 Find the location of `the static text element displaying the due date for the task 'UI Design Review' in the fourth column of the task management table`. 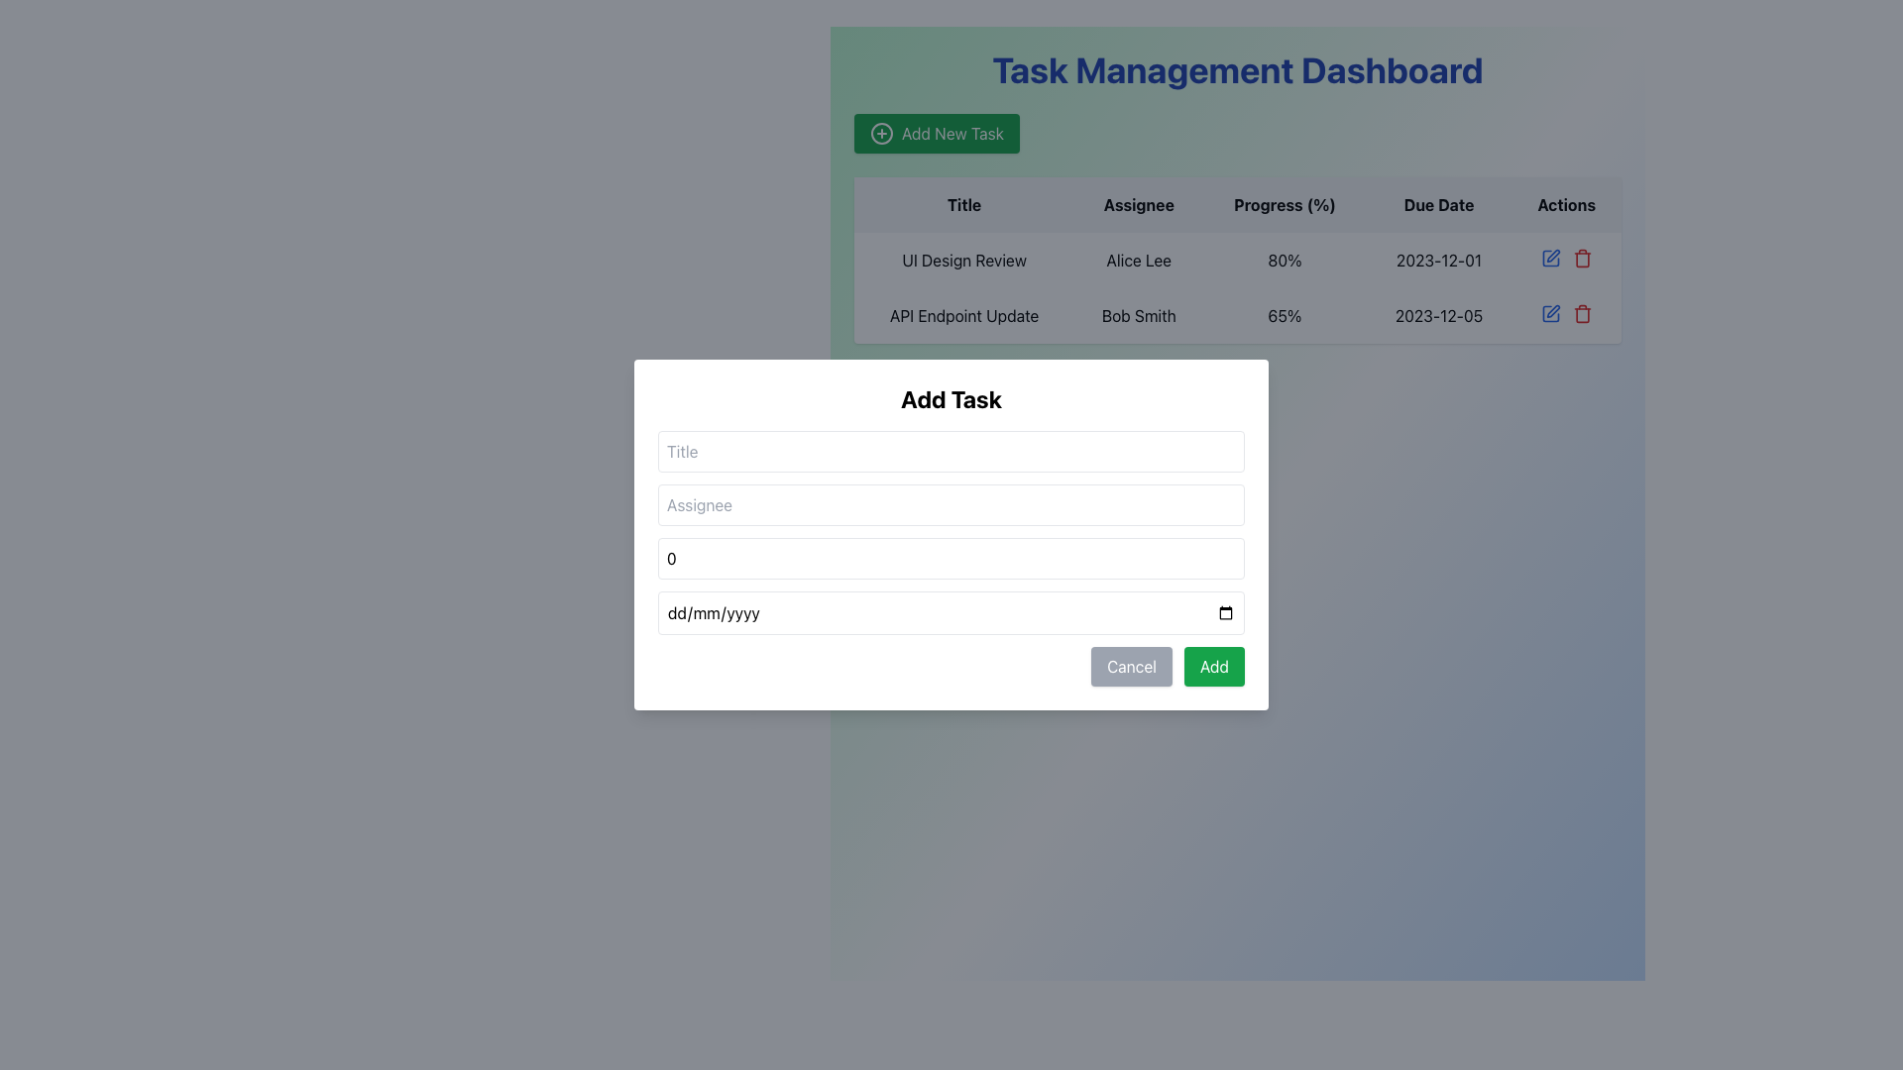

the static text element displaying the due date for the task 'UI Design Review' in the fourth column of the task management table is located at coordinates (1439, 259).